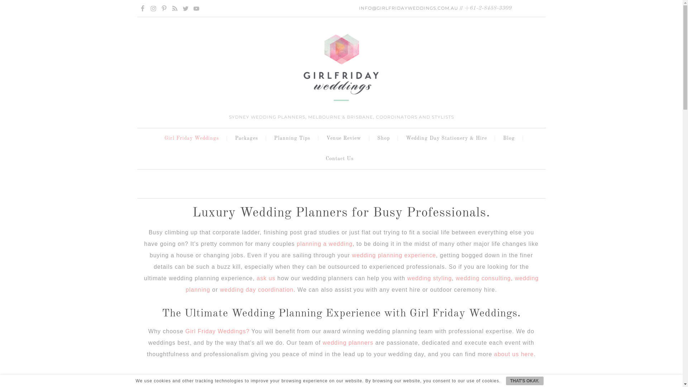  Describe the element at coordinates (248, 138) in the screenshot. I see `'Packages'` at that location.